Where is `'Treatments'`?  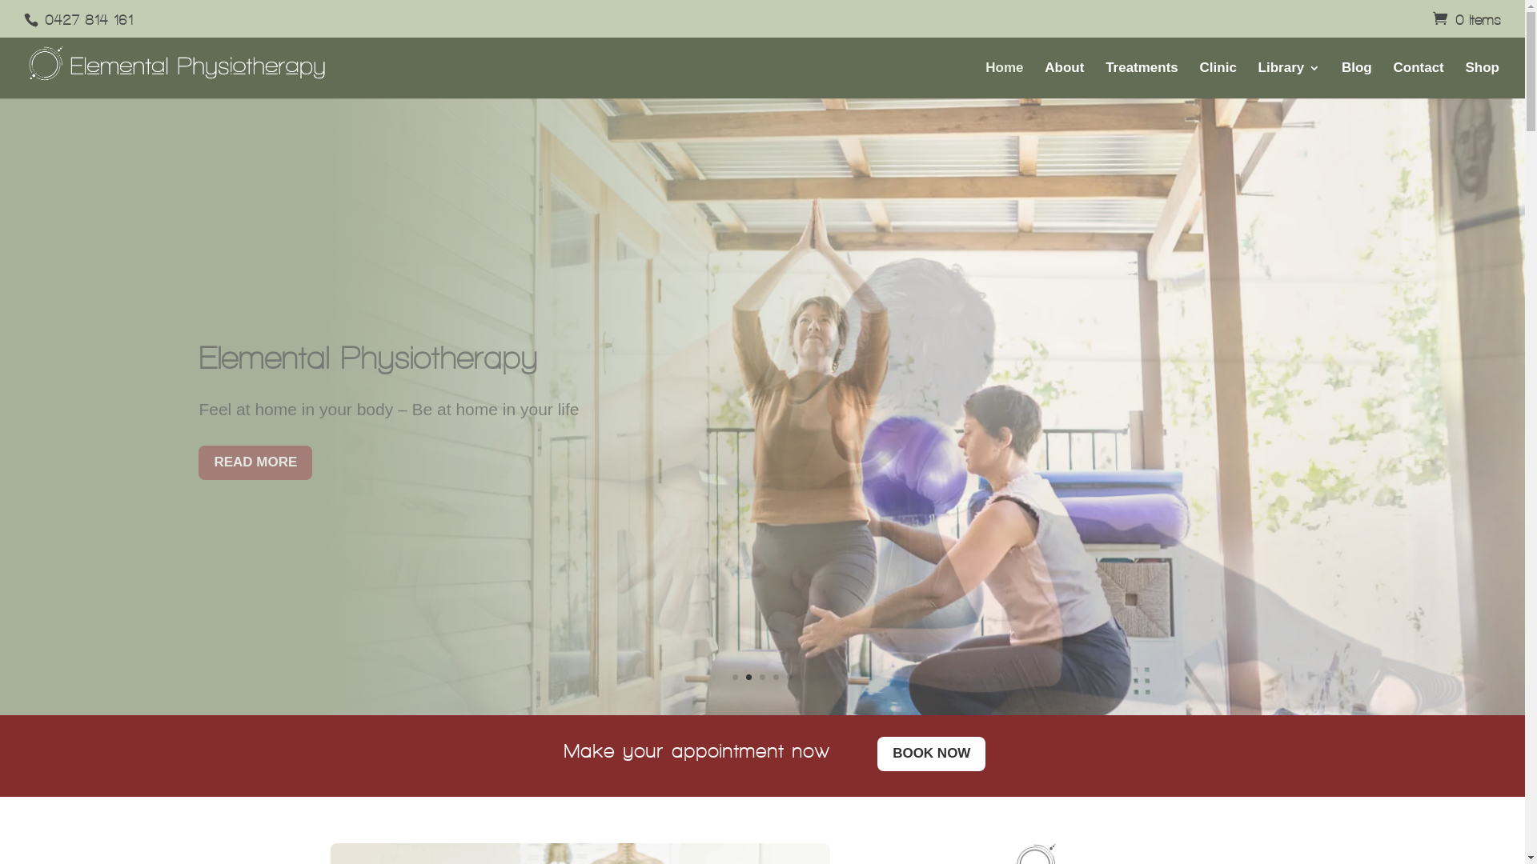
'Treatments' is located at coordinates (1105, 80).